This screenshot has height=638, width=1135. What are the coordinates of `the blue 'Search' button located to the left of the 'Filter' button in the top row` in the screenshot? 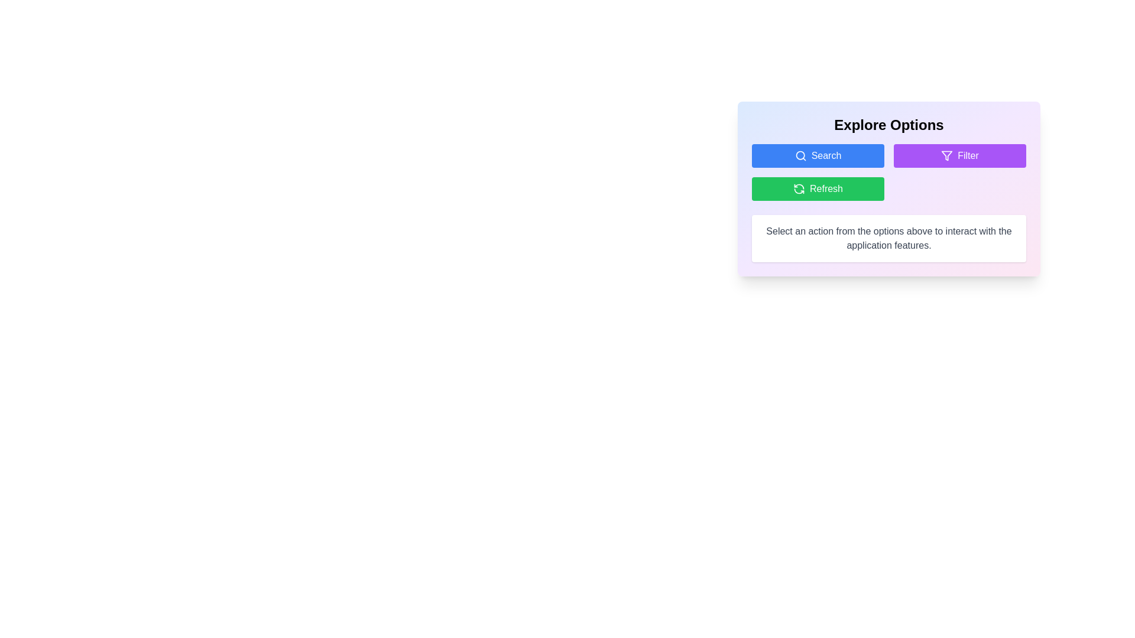 It's located at (817, 155).